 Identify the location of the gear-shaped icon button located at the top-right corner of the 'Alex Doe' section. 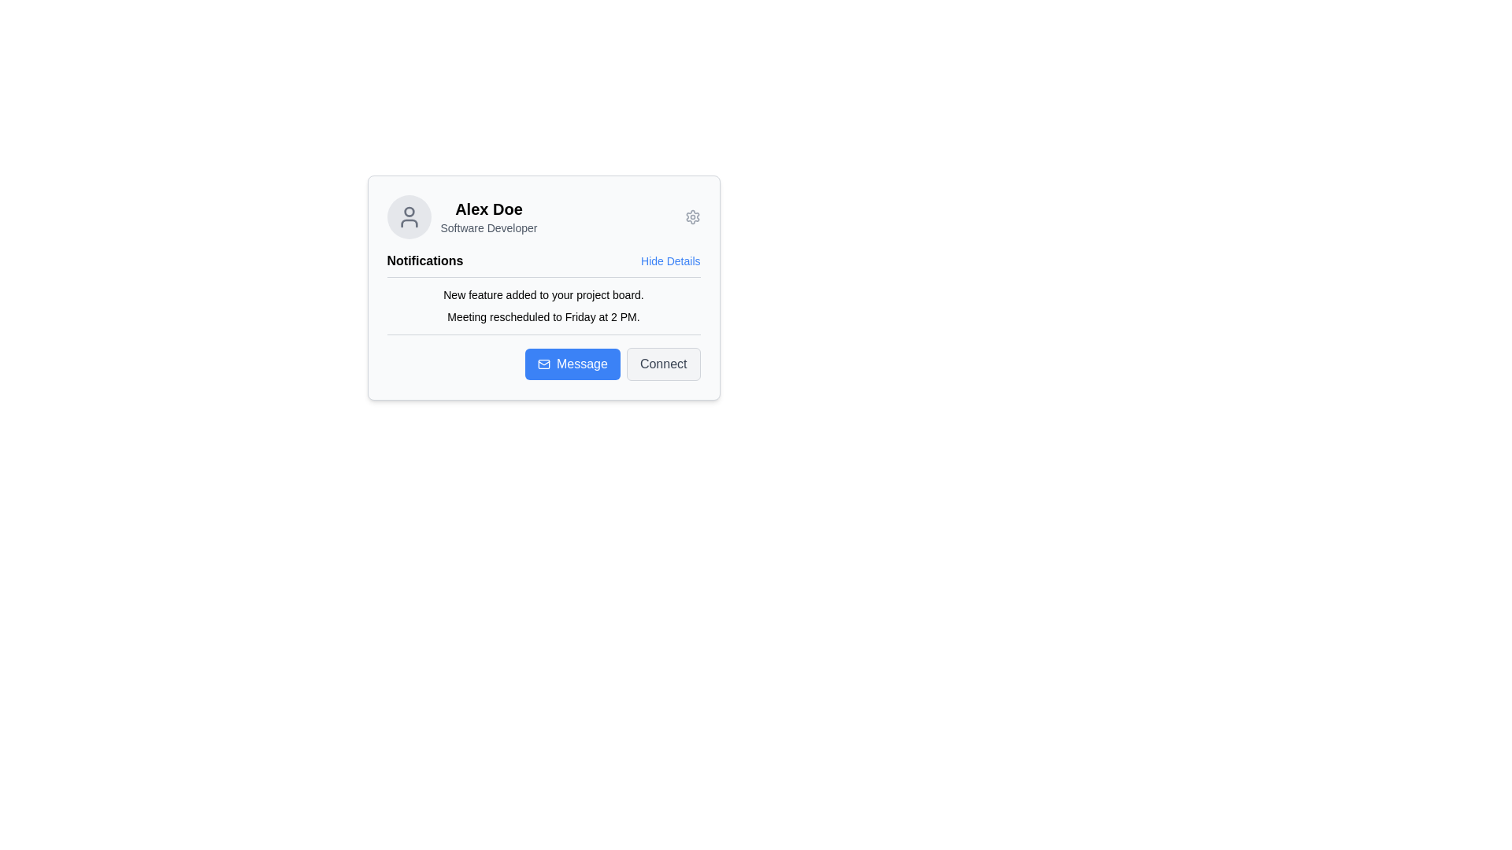
(692, 217).